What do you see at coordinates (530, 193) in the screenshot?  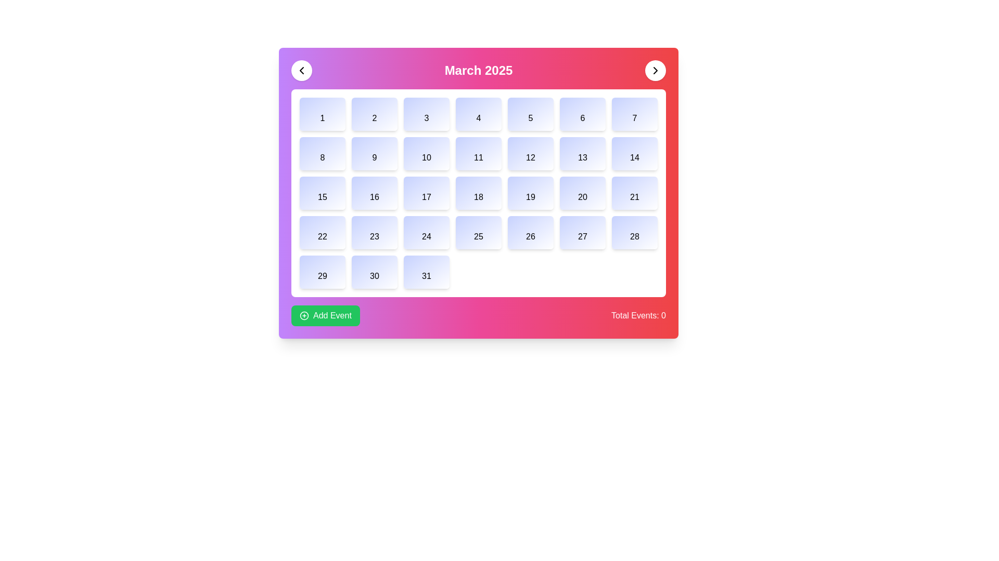 I see `the calendar day tile displaying the number '19' located in the fifth column of the third row of the grid layout` at bounding box center [530, 193].